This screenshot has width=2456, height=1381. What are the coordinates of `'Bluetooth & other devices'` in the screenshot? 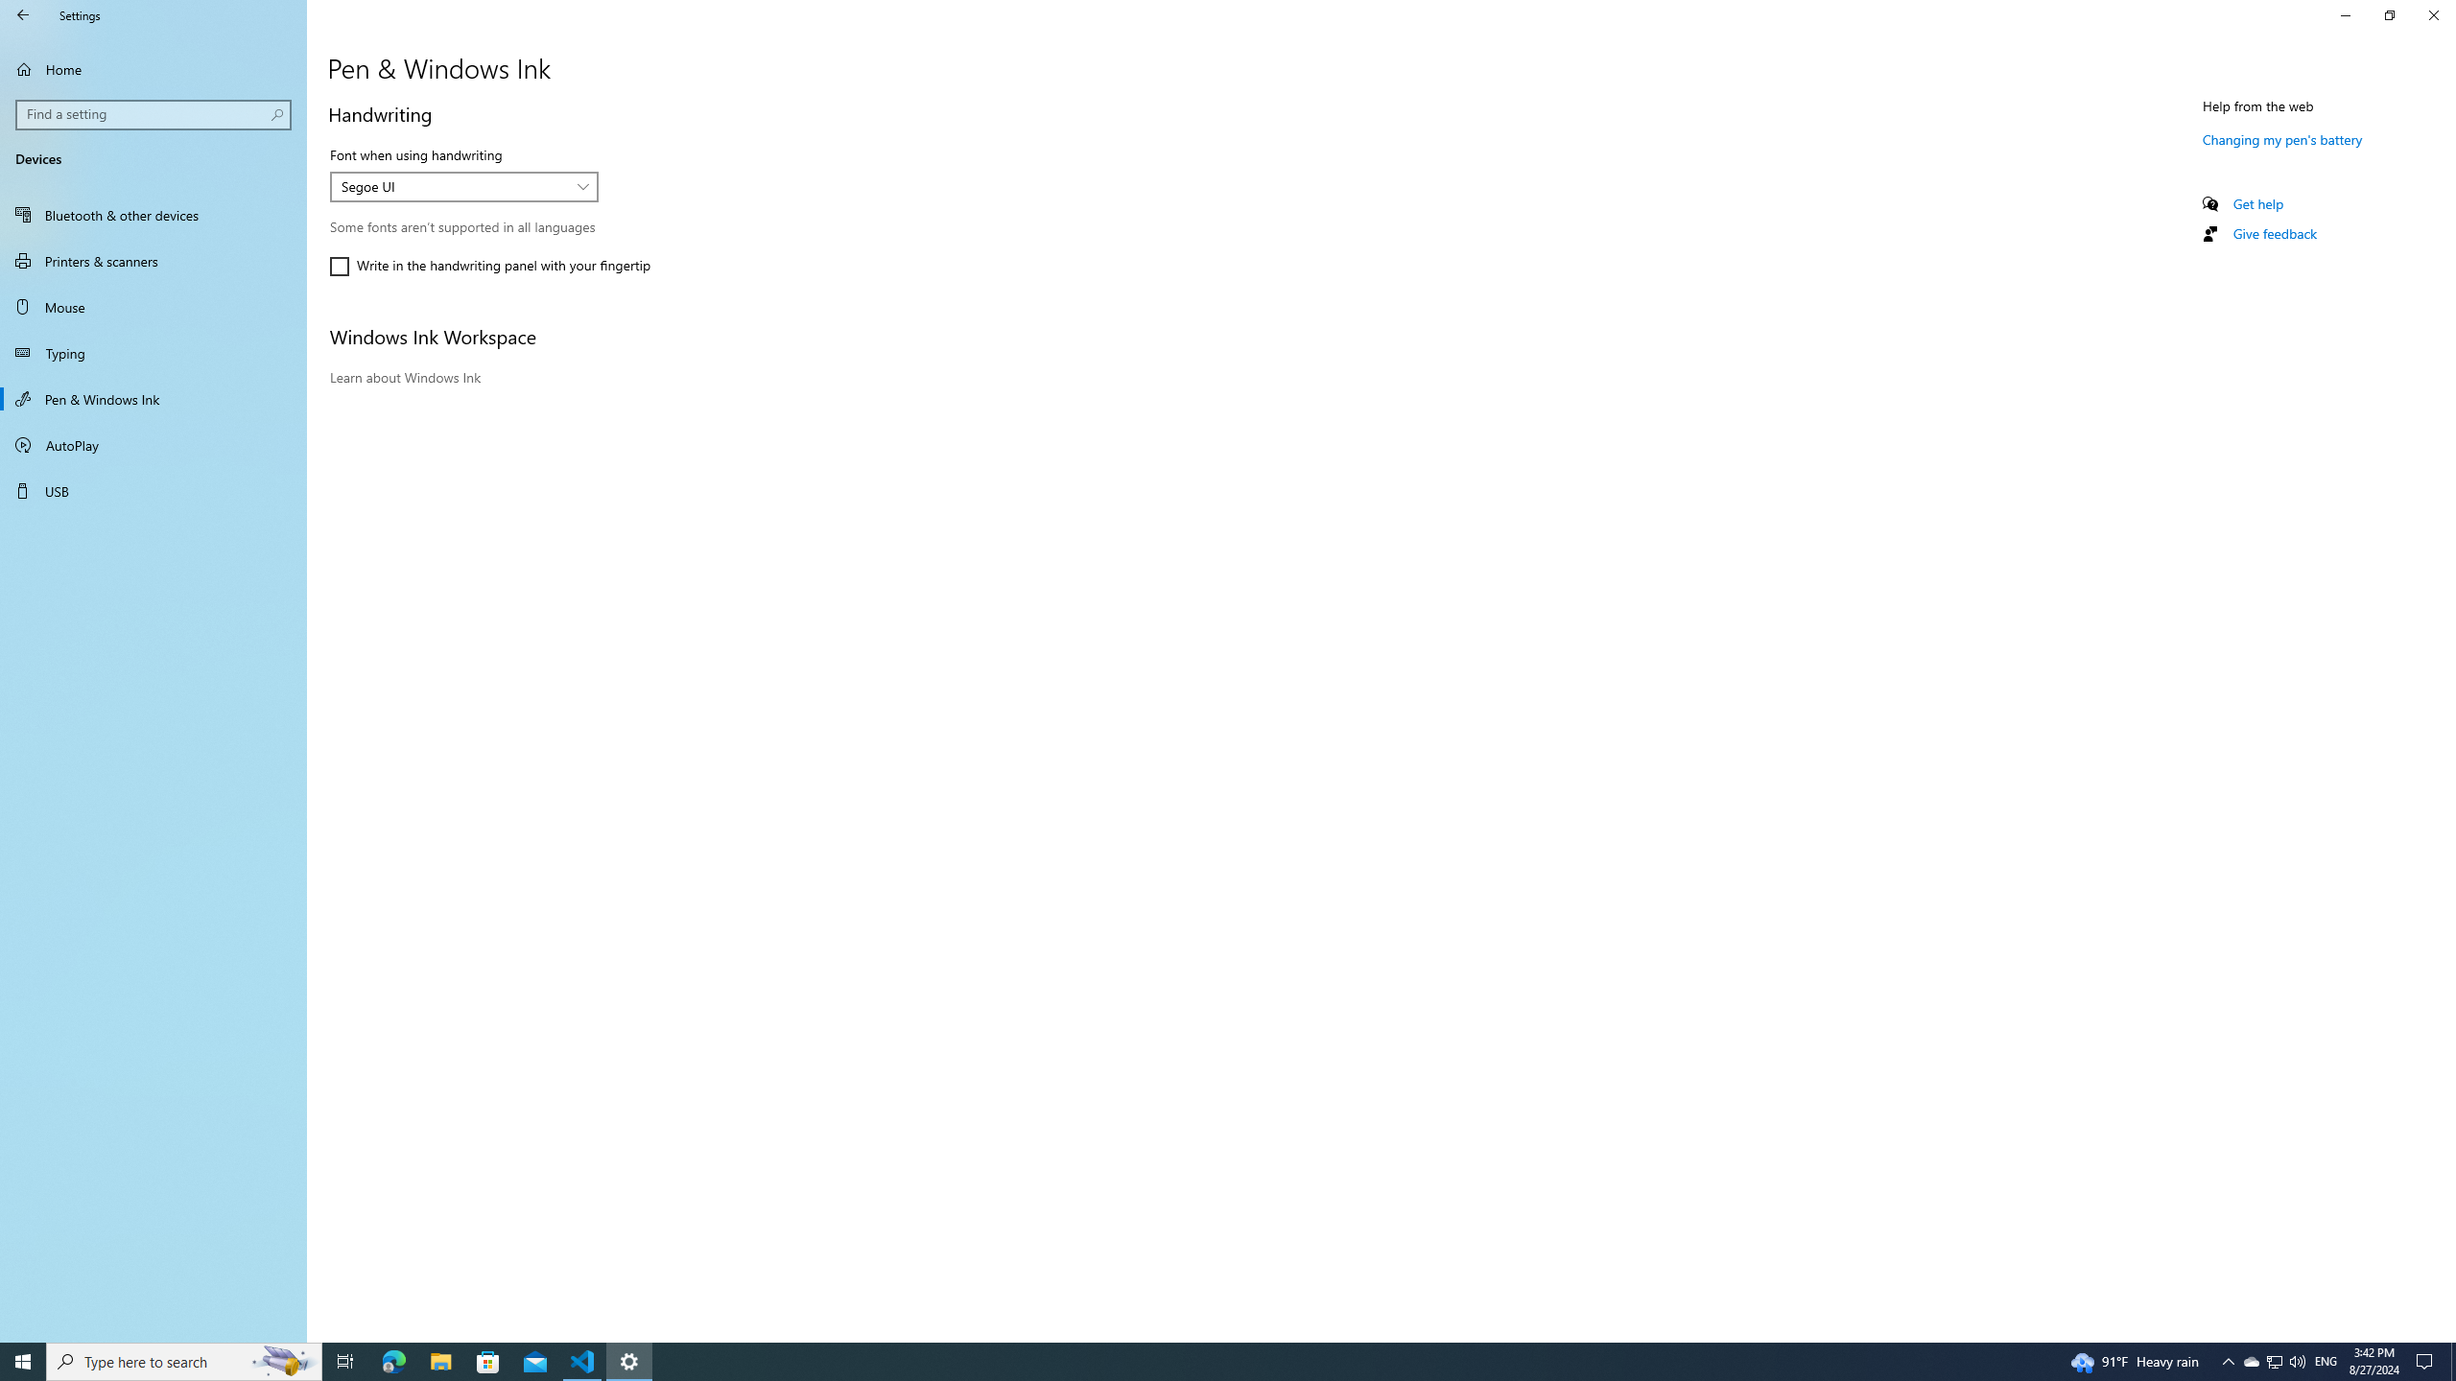 It's located at (153, 213).